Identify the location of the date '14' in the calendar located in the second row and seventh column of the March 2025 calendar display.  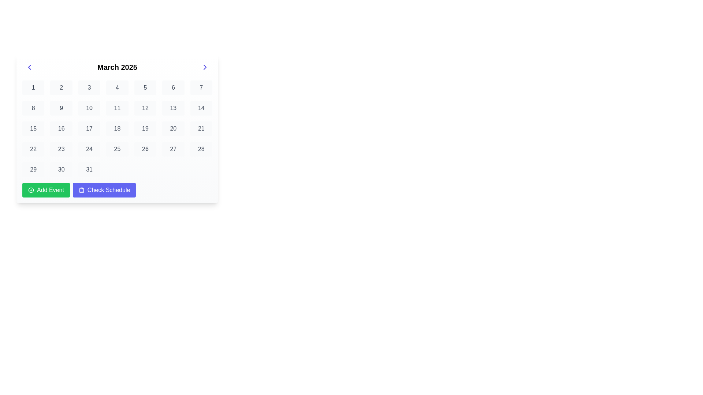
(201, 108).